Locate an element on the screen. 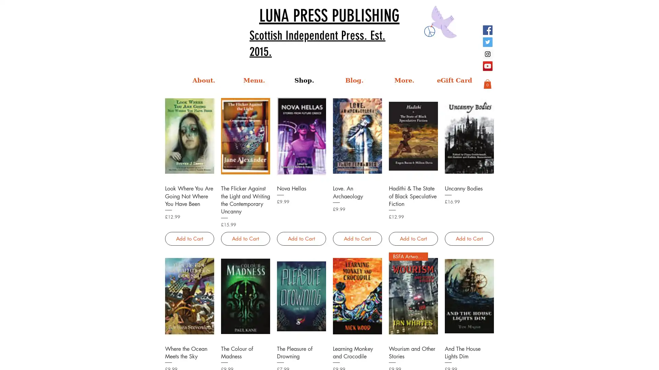  Quick View is located at coordinates (245, 348).